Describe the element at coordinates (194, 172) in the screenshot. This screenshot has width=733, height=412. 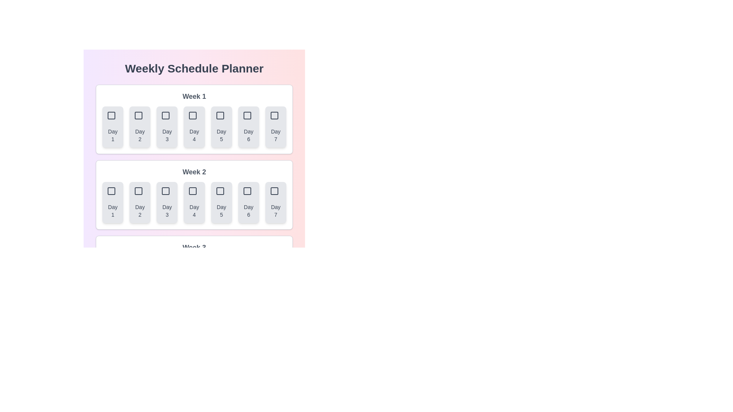
I see `the header of week 2` at that location.